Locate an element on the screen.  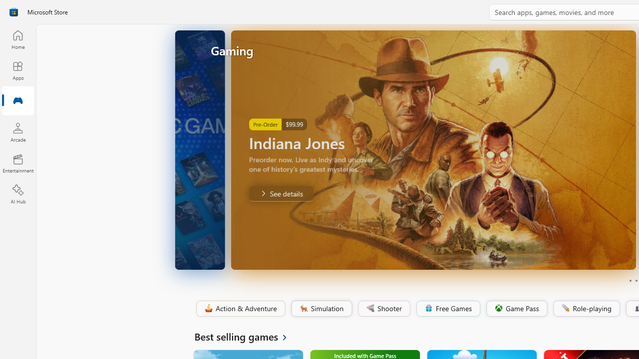
'Class: Image' is located at coordinates (565, 307).